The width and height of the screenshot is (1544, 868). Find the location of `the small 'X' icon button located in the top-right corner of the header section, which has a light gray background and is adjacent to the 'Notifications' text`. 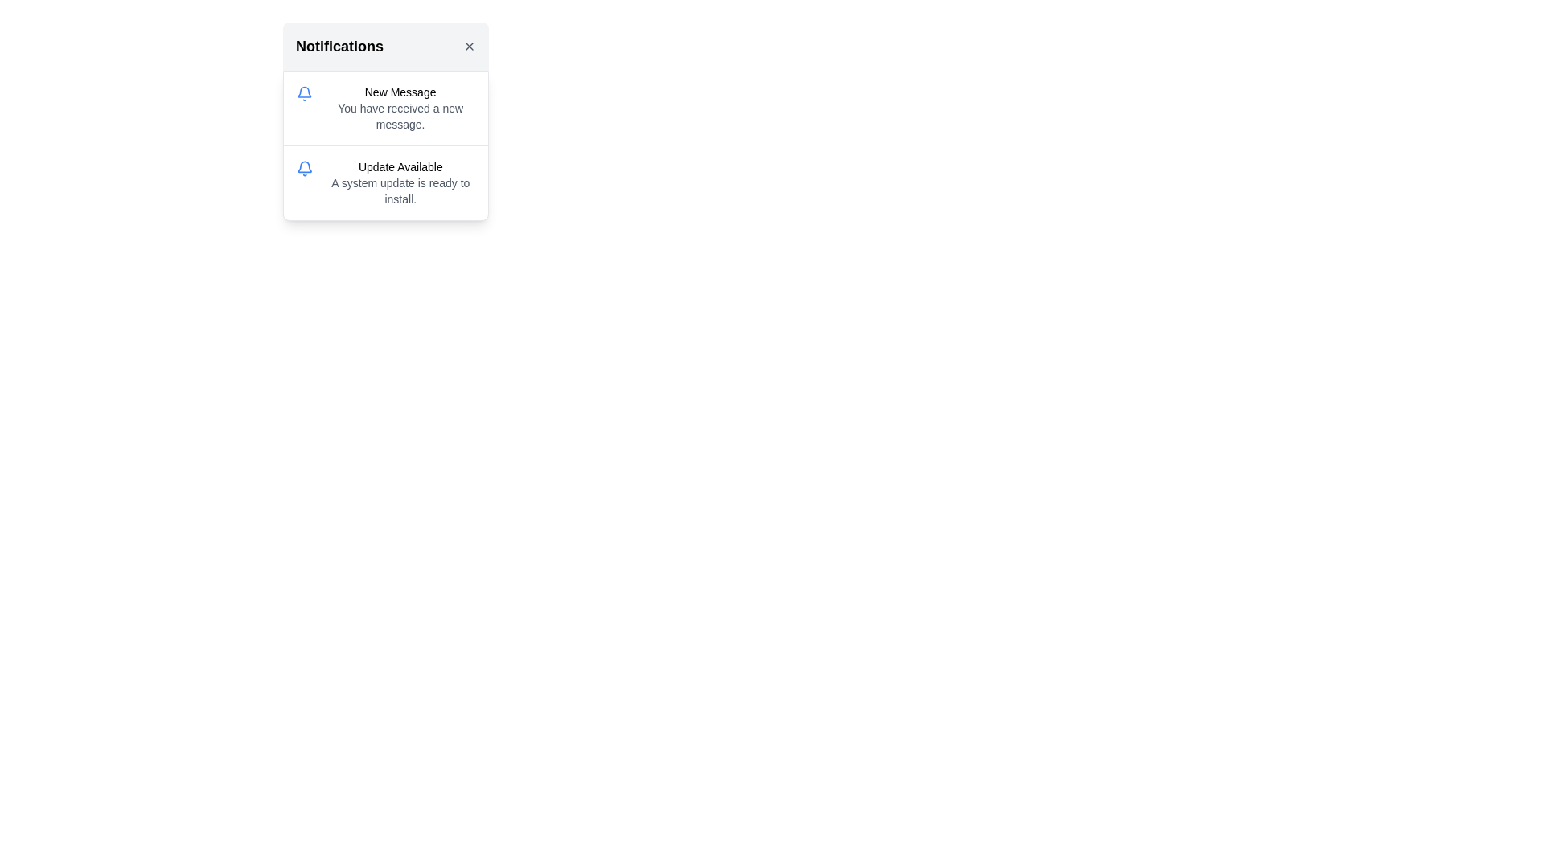

the small 'X' icon button located in the top-right corner of the header section, which has a light gray background and is adjacent to the 'Notifications' text is located at coordinates (469, 45).